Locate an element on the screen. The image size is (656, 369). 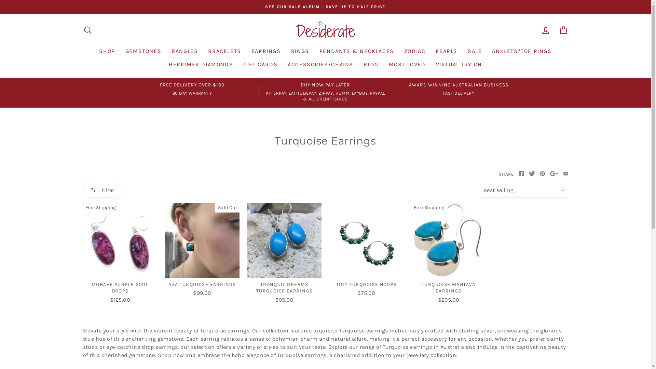
'GEMSTONES' is located at coordinates (120, 51).